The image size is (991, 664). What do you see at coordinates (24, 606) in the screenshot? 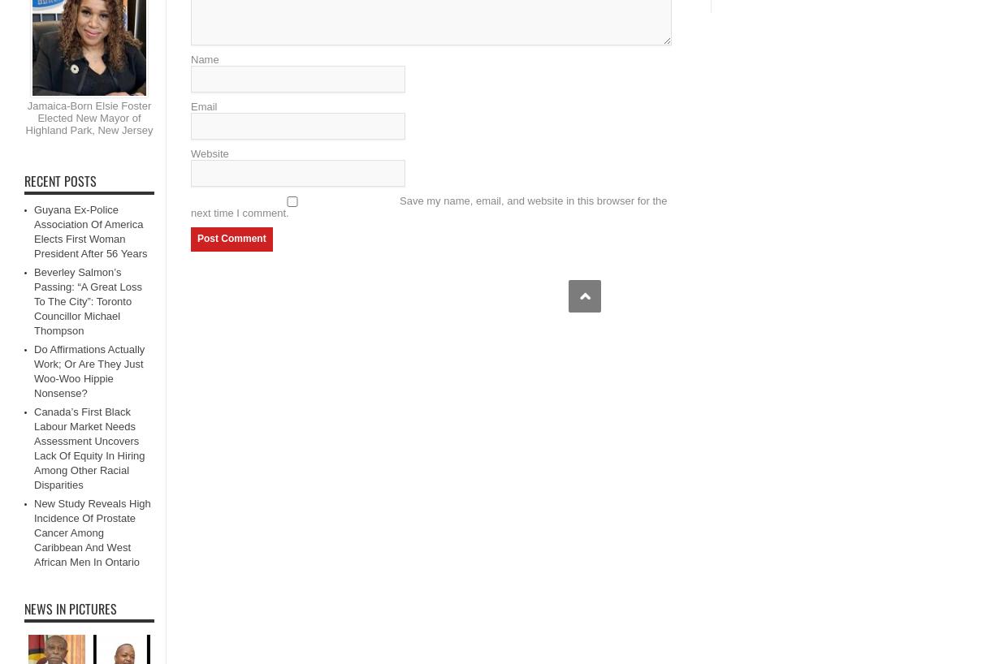
I see `'News in Pictures'` at bounding box center [24, 606].